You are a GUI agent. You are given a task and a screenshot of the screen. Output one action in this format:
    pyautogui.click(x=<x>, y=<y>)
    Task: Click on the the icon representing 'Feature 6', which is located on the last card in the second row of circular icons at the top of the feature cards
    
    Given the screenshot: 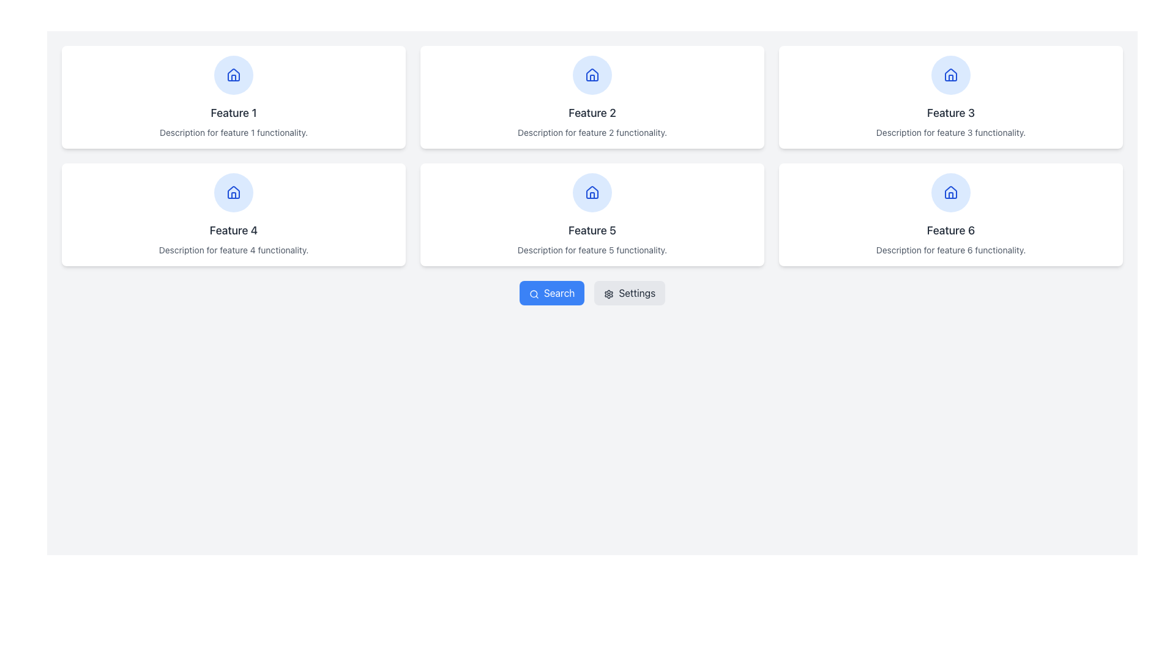 What is the action you would take?
    pyautogui.click(x=950, y=192)
    